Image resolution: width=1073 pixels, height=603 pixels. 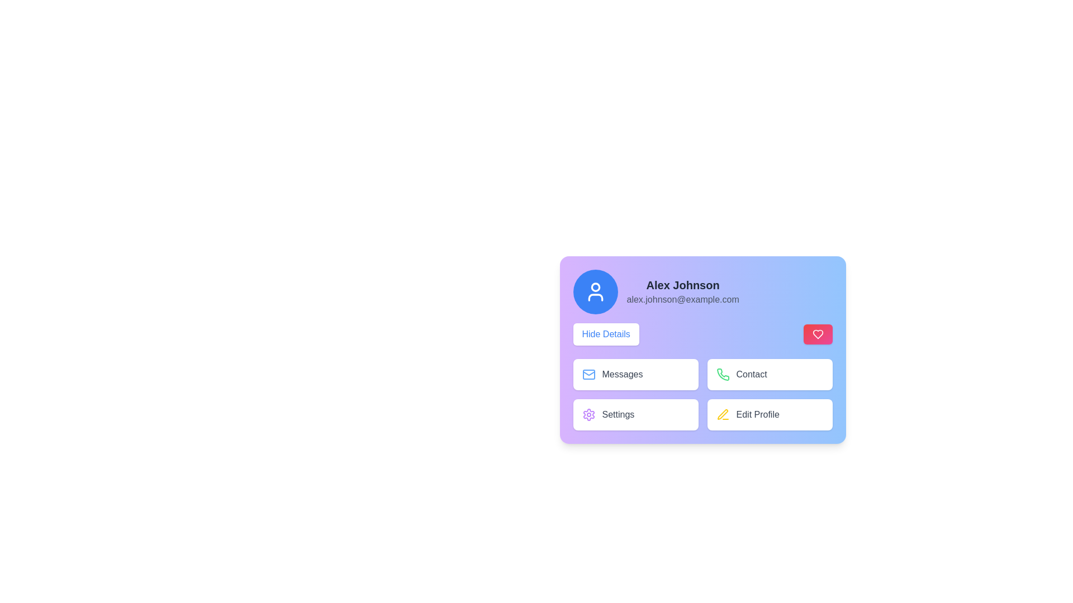 What do you see at coordinates (588, 415) in the screenshot?
I see `the cogwheel icon located within the settings card` at bounding box center [588, 415].